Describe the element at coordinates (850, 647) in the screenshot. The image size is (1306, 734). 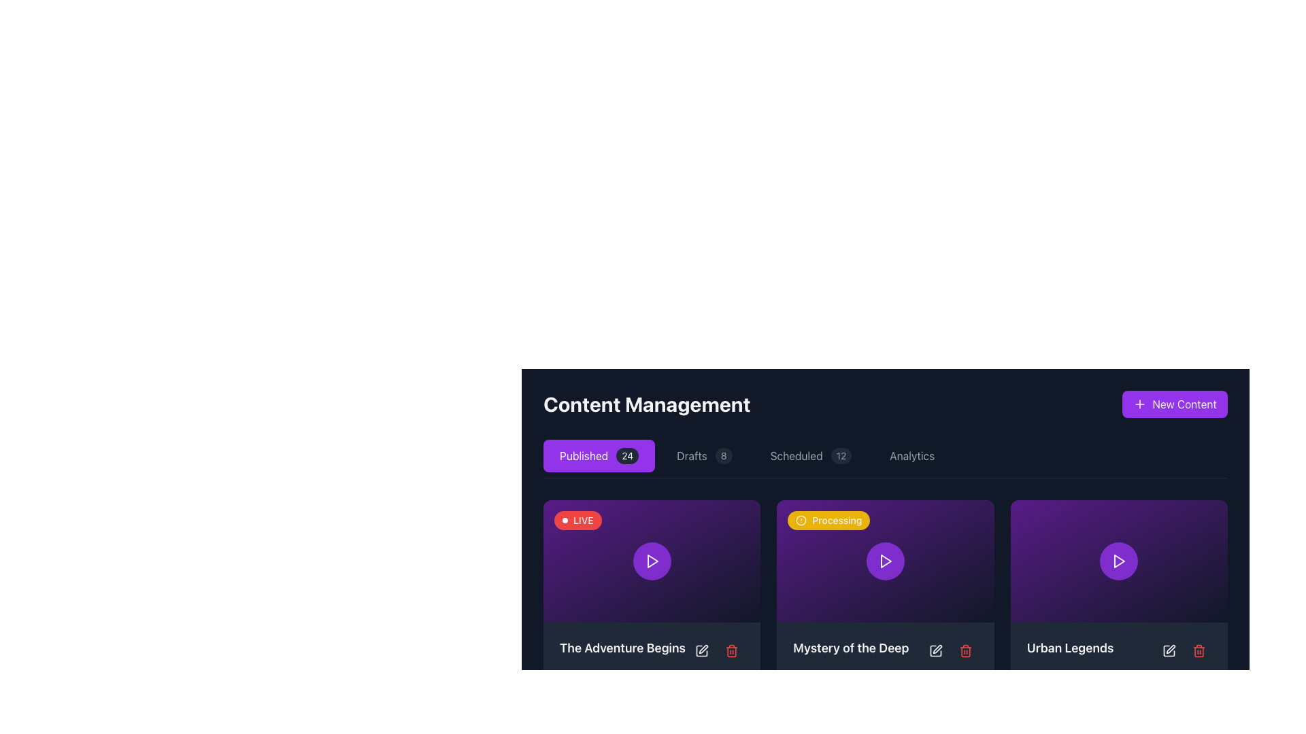
I see `the text label that displays the title or name of a specific item, located in the second card under the 'Published' section of the content management interface` at that location.